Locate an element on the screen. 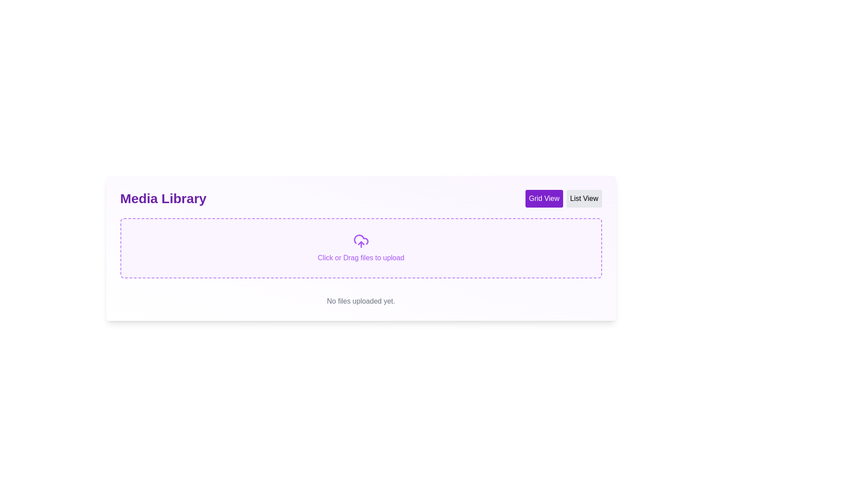 The height and width of the screenshot is (478, 850). the informational text label displaying 'No files uploaded yet.' which is styled in light gray and located at the bottom of the file upload interface is located at coordinates (361, 301).